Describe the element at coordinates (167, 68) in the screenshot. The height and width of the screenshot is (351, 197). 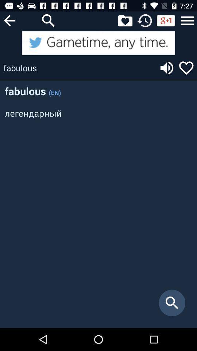
I see `open volume` at that location.